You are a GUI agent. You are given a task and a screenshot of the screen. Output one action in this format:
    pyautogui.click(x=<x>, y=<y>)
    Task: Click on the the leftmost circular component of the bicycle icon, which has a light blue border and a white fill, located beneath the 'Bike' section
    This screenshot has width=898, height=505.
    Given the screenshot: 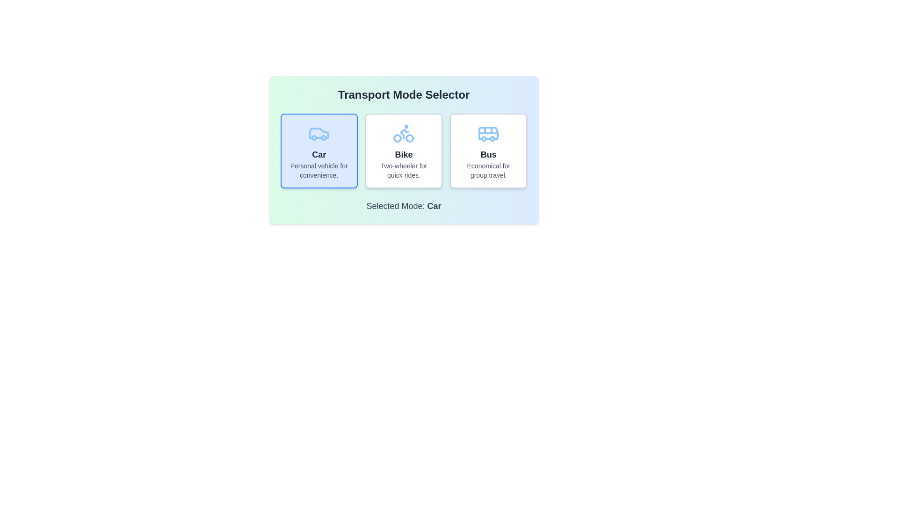 What is the action you would take?
    pyautogui.click(x=398, y=138)
    